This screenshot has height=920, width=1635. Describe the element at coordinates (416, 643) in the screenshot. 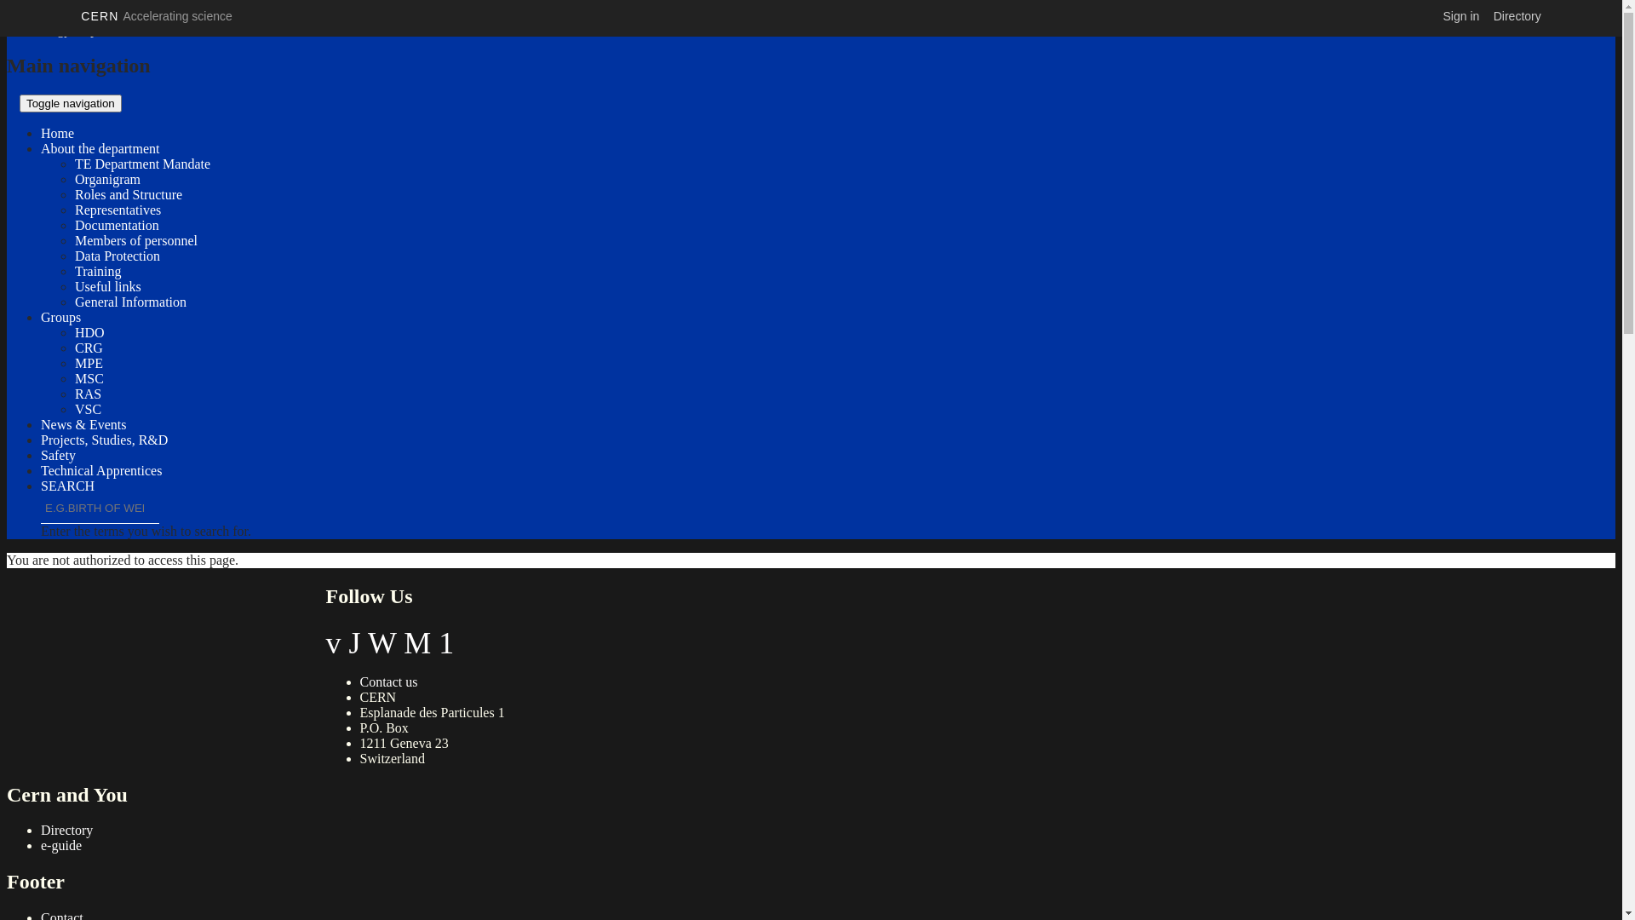

I see `'M'` at that location.